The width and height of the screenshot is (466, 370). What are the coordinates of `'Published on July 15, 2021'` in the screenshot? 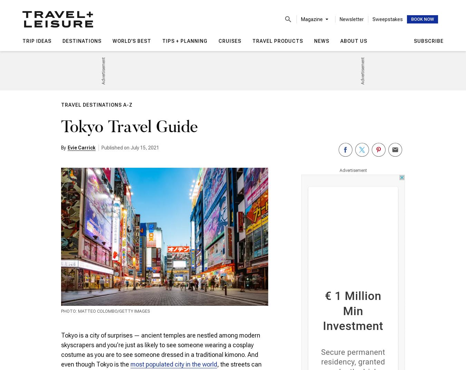 It's located at (130, 147).